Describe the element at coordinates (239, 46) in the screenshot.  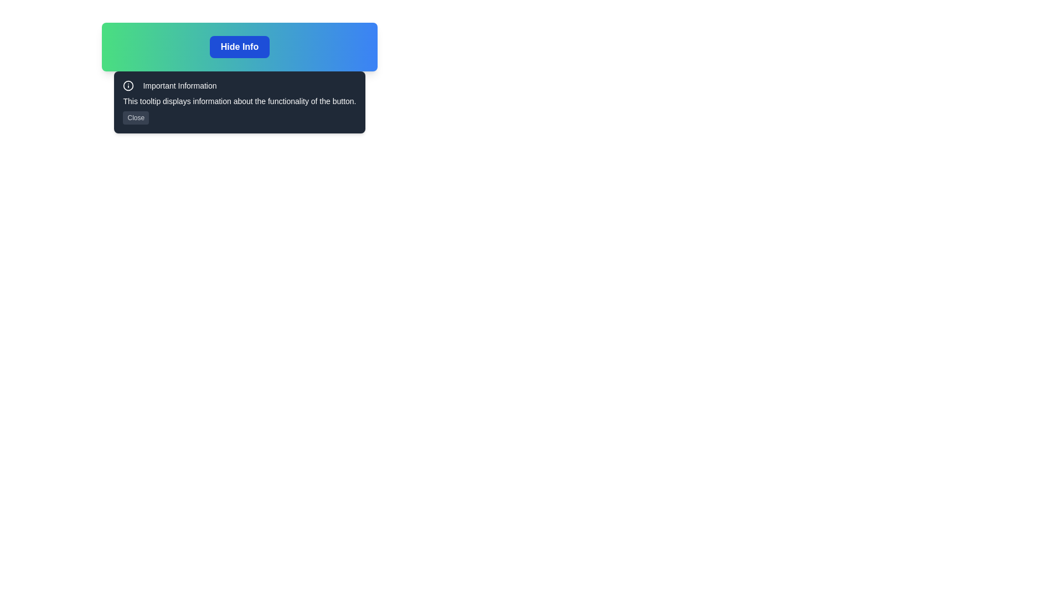
I see `the 'Hide Info' button, which has rounded corners and a blue background with bold white text` at that location.